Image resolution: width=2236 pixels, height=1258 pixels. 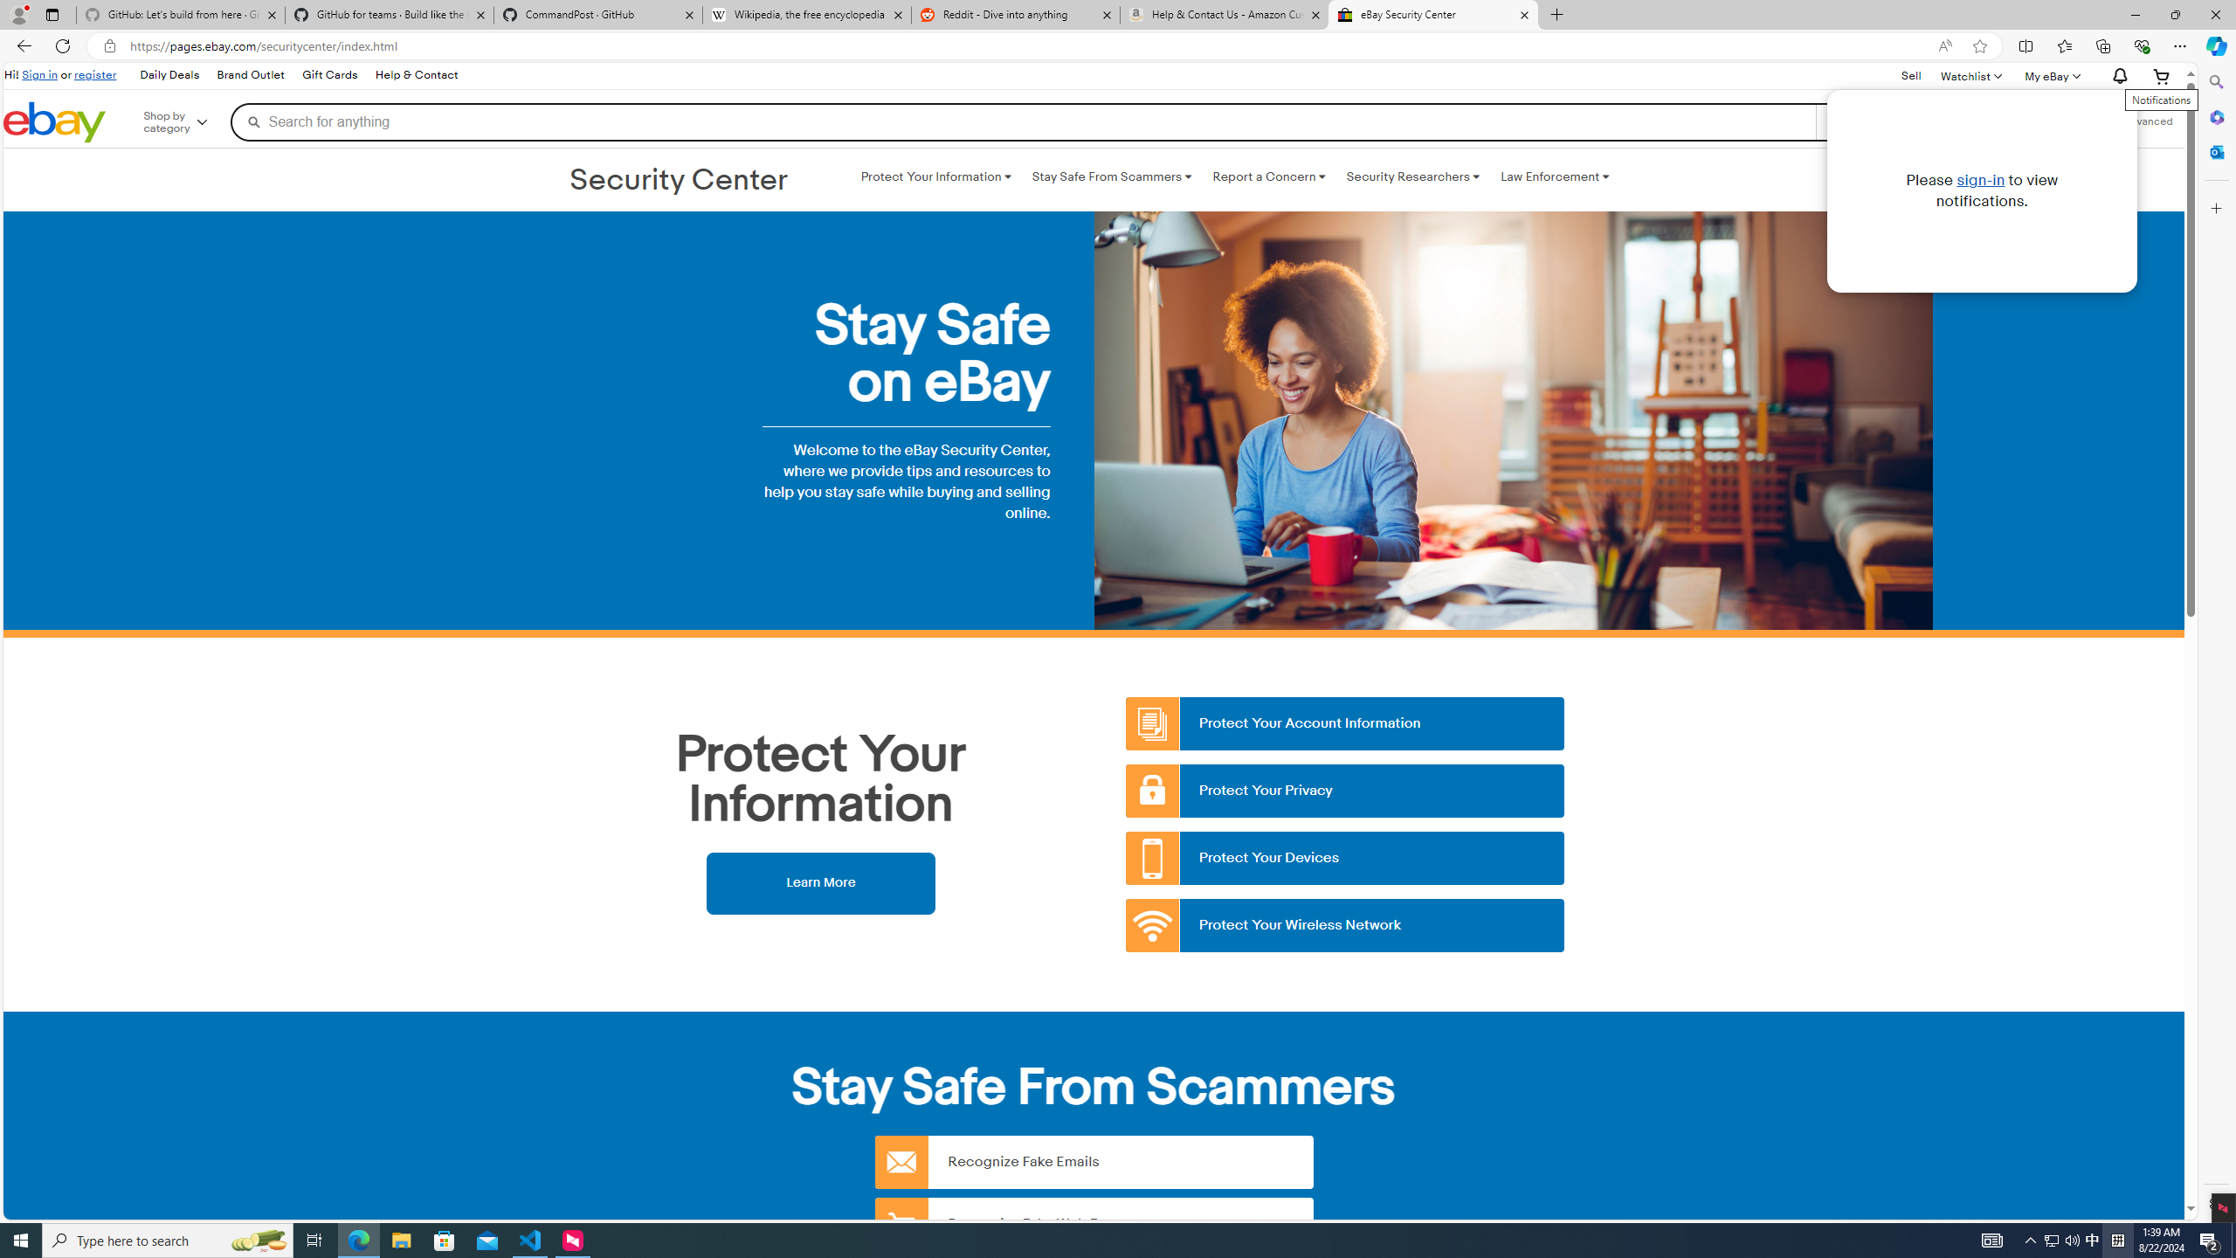 I want to click on 'Law Enforcement ', so click(x=1555, y=176).